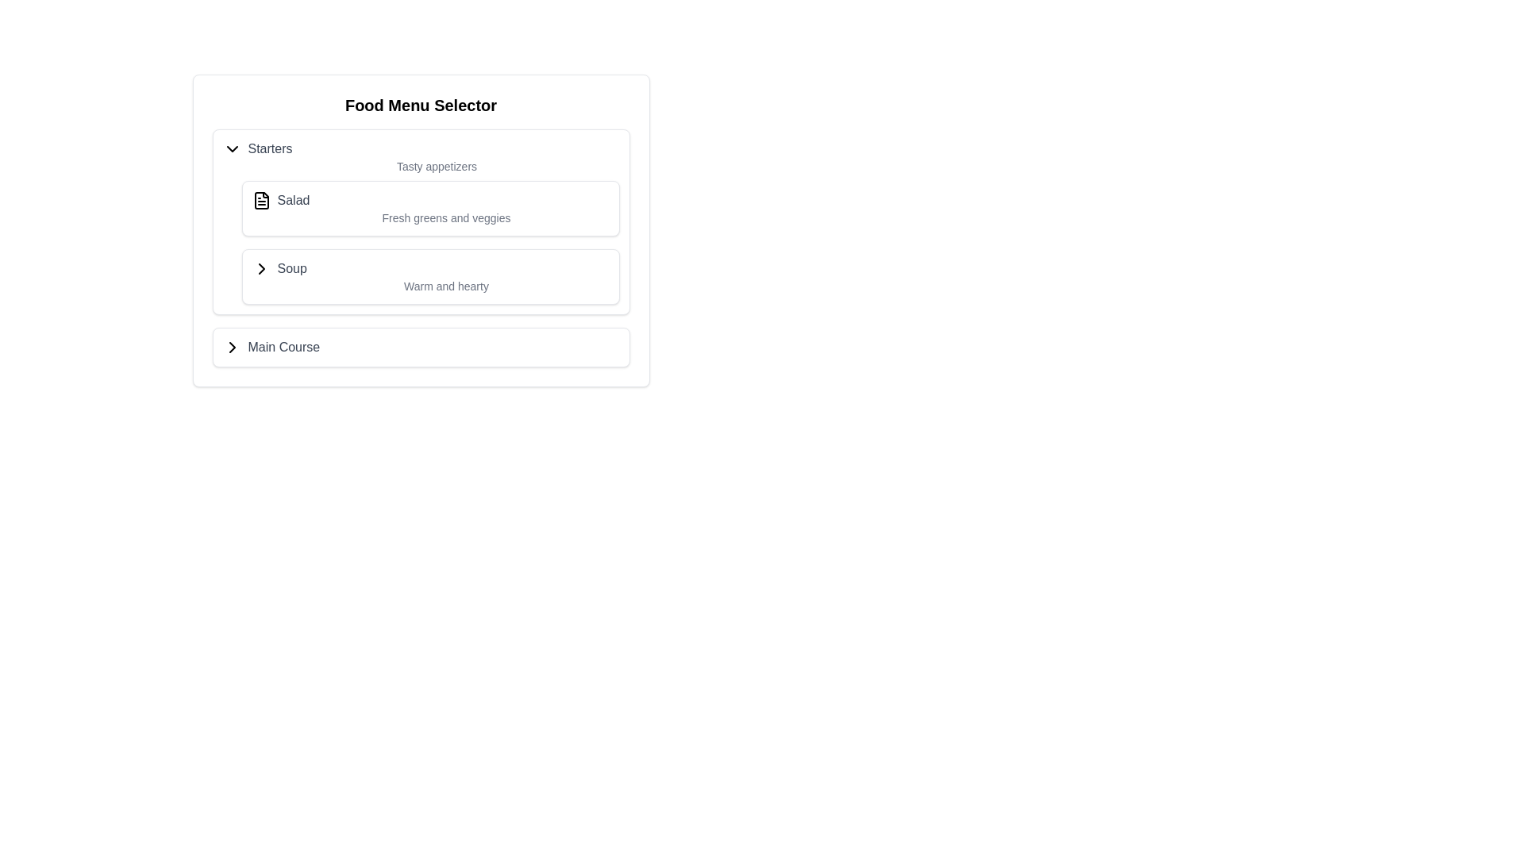 The height and width of the screenshot is (857, 1524). Describe the element at coordinates (430, 286) in the screenshot. I see `the informational text label that provides details about 'Soup'` at that location.